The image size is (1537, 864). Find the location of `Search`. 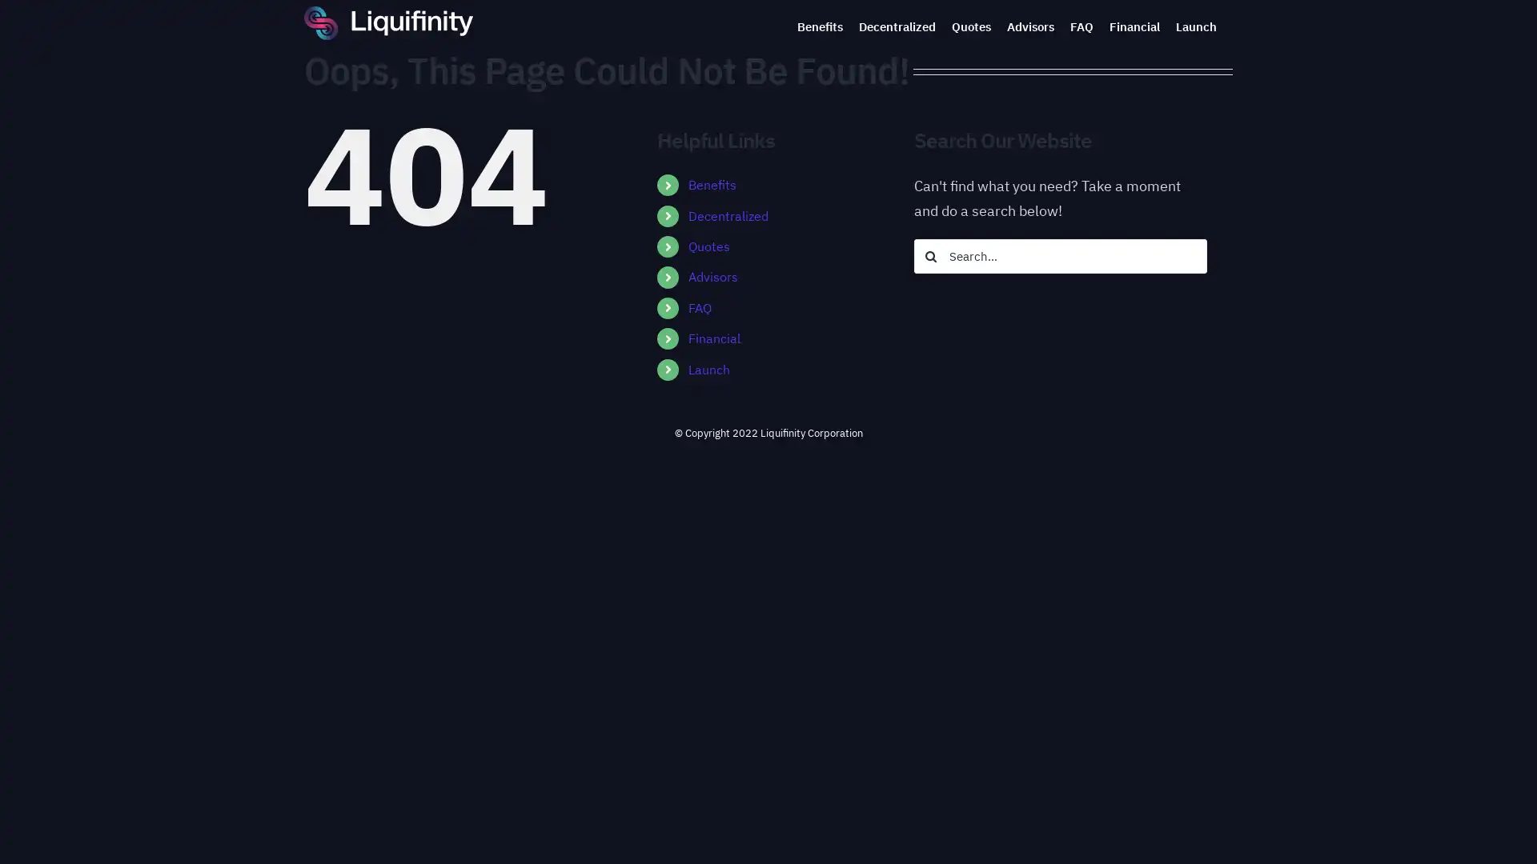

Search is located at coordinates (930, 255).